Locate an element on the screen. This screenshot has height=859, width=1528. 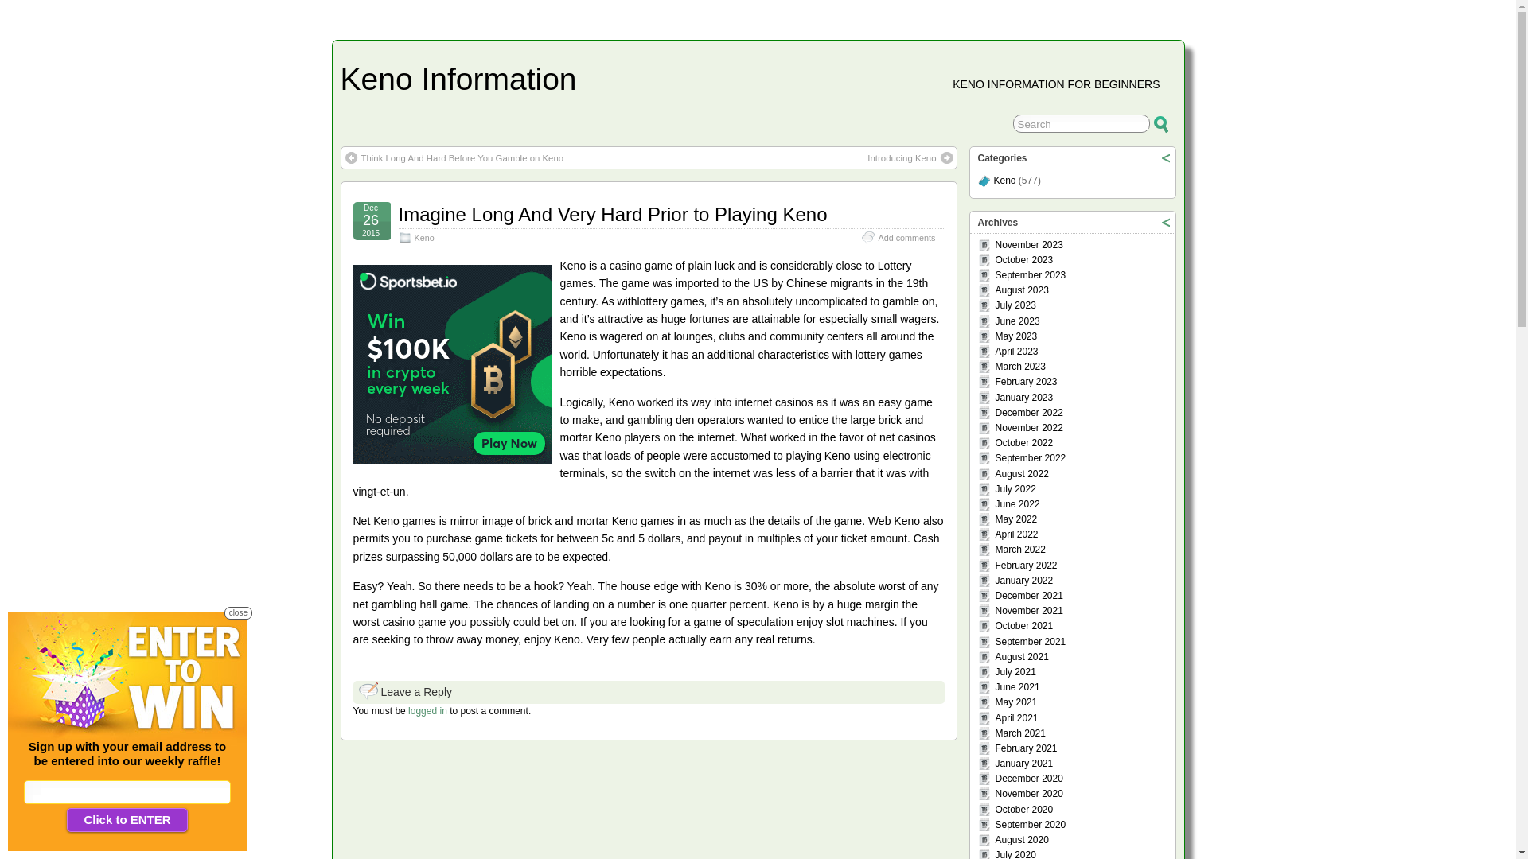
'October 2020' is located at coordinates (1023, 810).